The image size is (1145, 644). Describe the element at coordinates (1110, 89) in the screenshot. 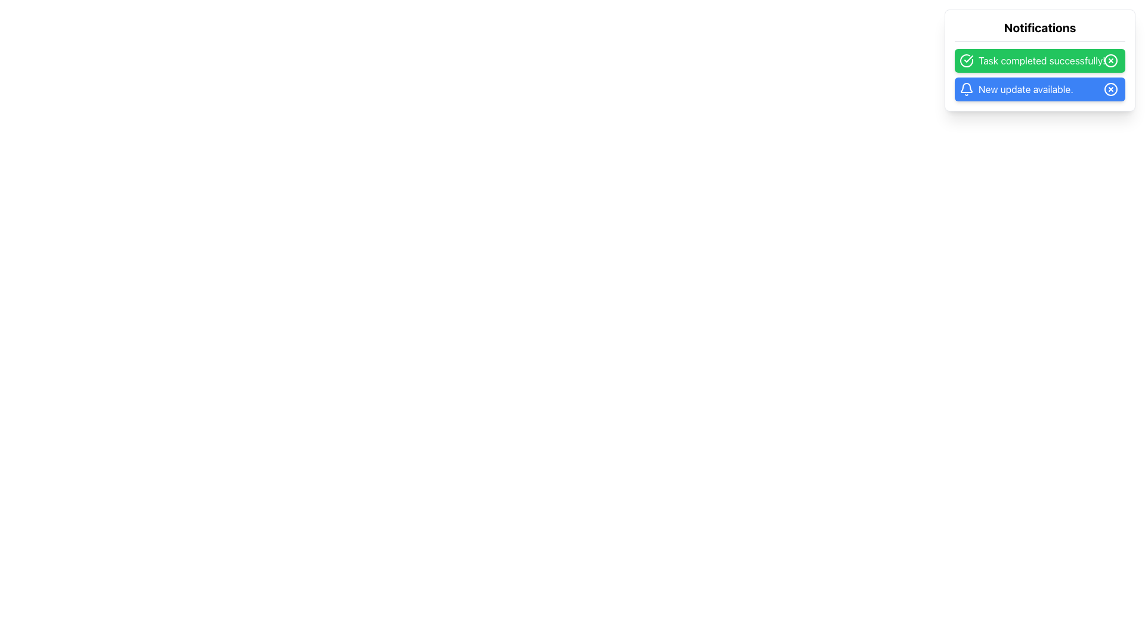

I see `the Circle icon with a blue outline located at the right end of the notification item that reads 'New update available.'` at that location.